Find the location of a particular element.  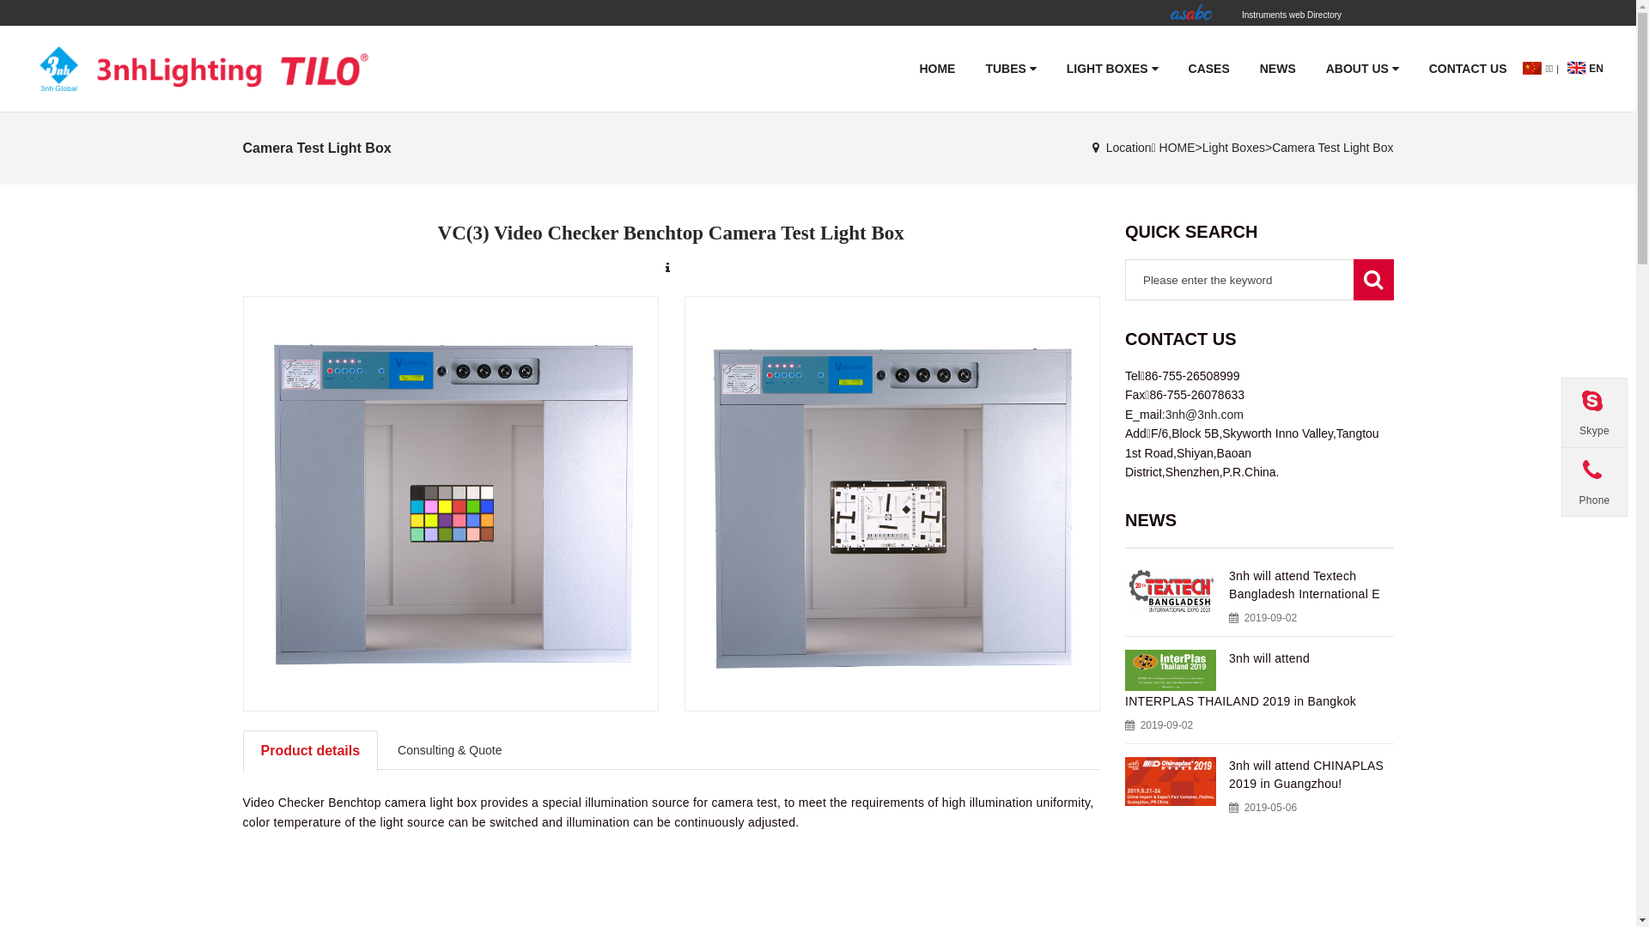

'EN' is located at coordinates (1582, 68).